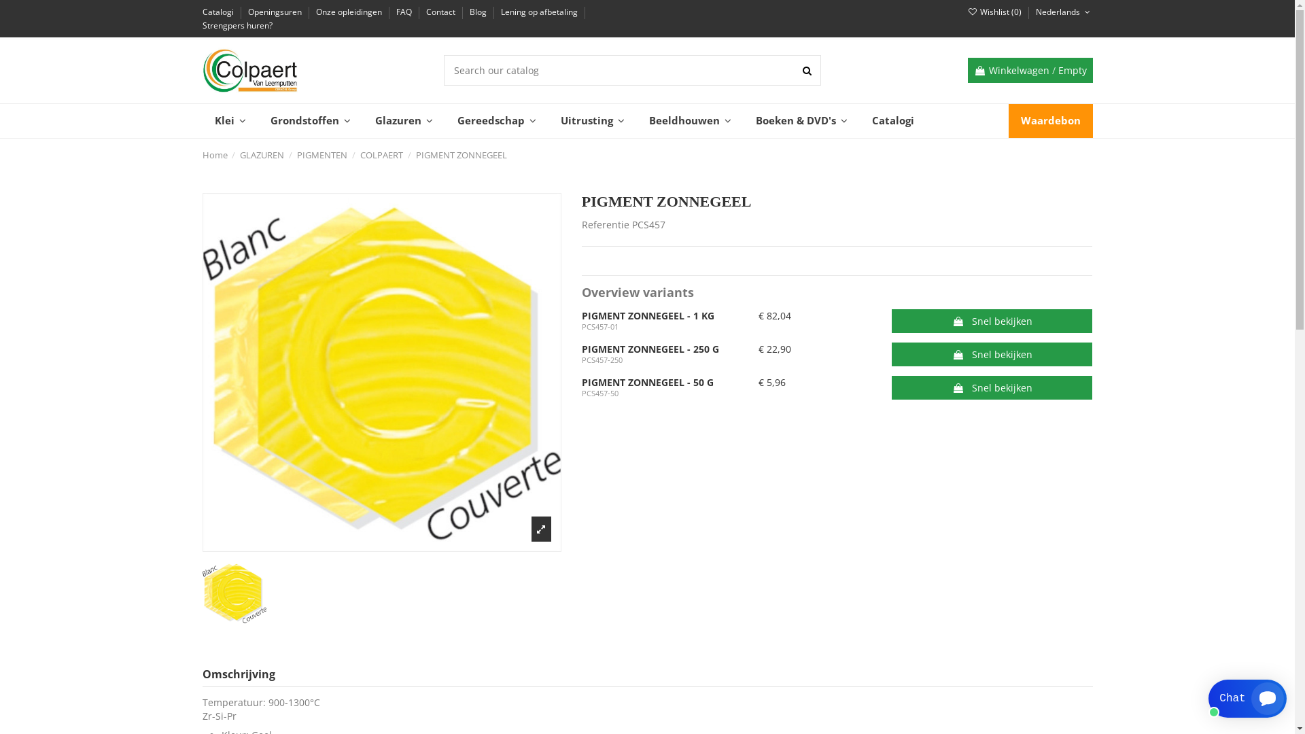 Image resolution: width=1305 pixels, height=734 pixels. What do you see at coordinates (1247, 699) in the screenshot?
I see `'Smartsupp widget button'` at bounding box center [1247, 699].